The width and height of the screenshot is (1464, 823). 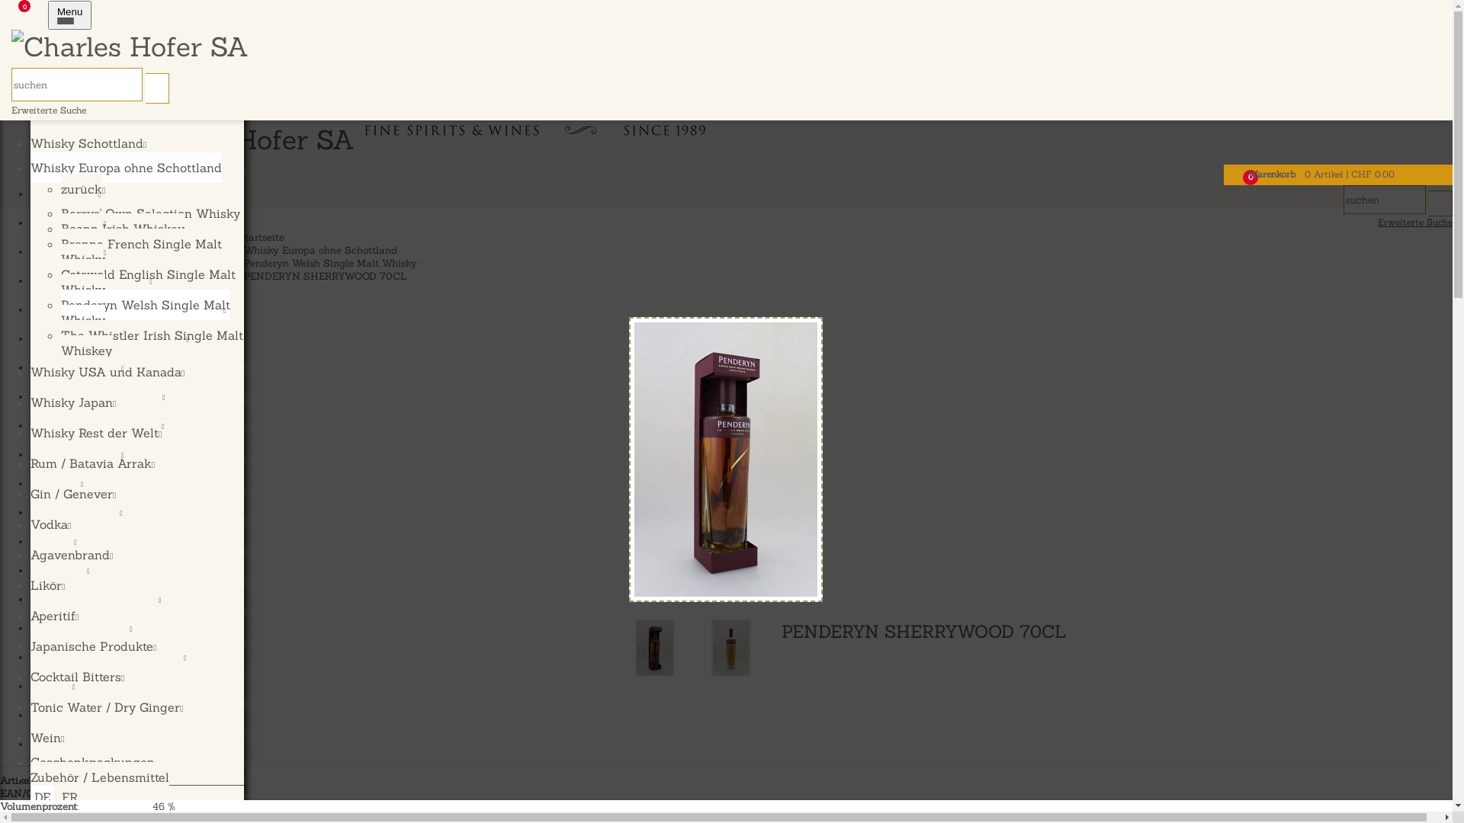 What do you see at coordinates (105, 707) in the screenshot?
I see `'Tonic Water / Dry Ginger'` at bounding box center [105, 707].